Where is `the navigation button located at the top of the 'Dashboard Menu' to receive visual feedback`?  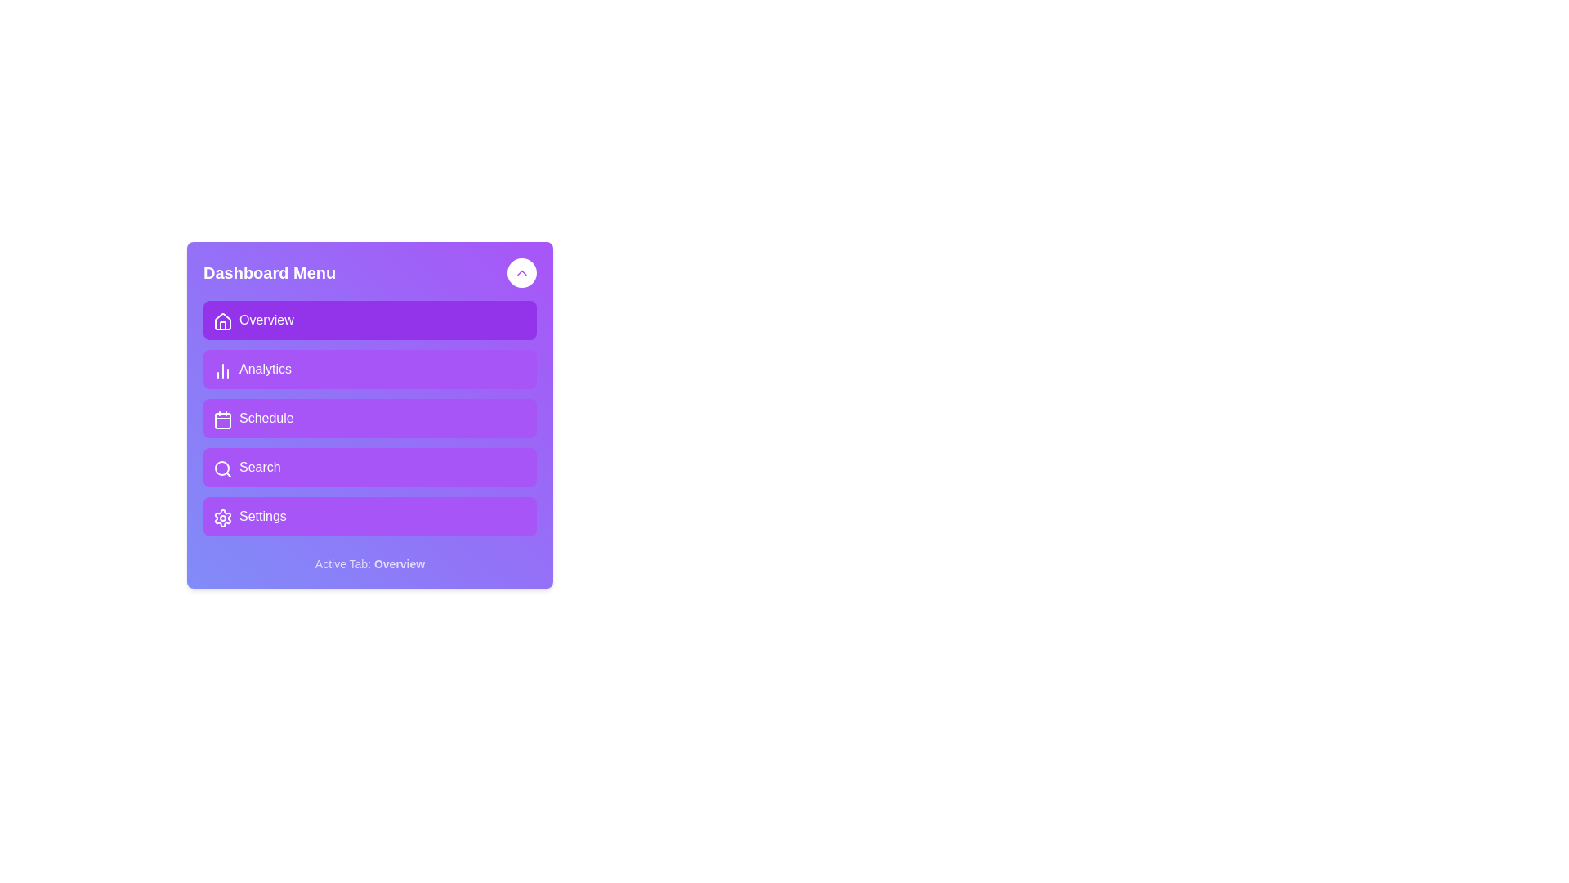
the navigation button located at the top of the 'Dashboard Menu' to receive visual feedback is located at coordinates (369, 320).